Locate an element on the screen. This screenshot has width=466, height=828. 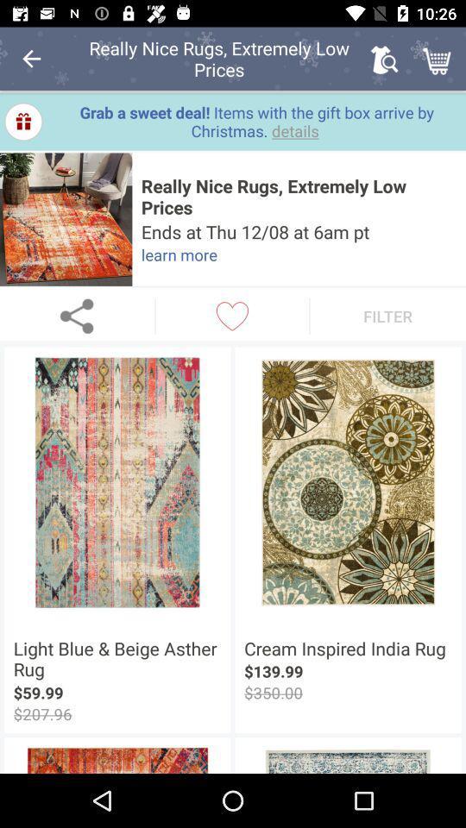
the icon to the right of really nice rugs icon is located at coordinates (384, 59).